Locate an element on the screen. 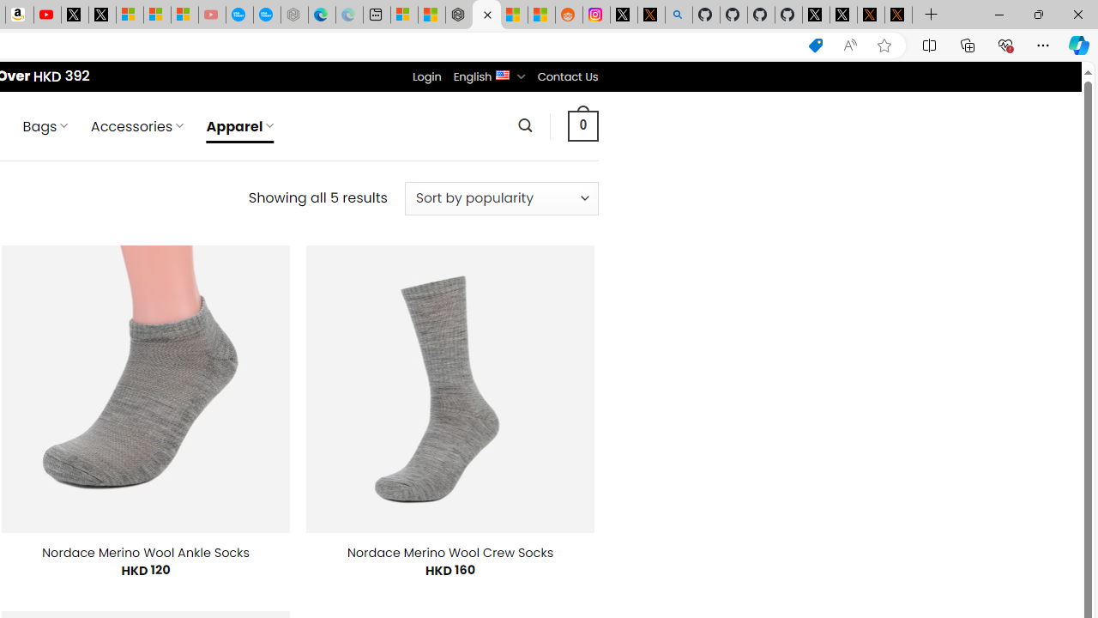 Image resolution: width=1098 pixels, height=618 pixels. 'Shop order' is located at coordinates (500, 197).